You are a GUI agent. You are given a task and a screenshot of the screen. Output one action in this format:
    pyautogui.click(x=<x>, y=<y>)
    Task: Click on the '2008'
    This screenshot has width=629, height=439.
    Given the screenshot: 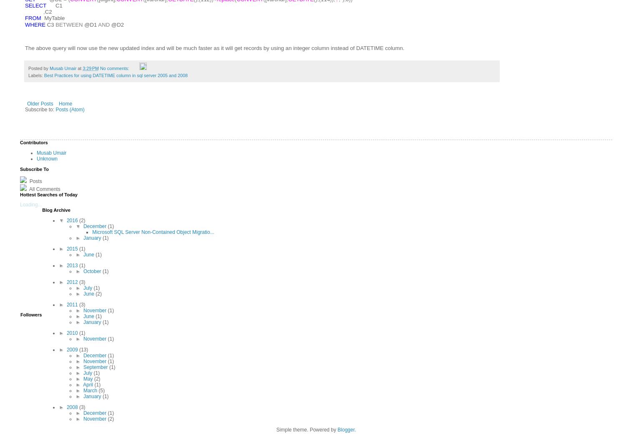 What is the action you would take?
    pyautogui.click(x=73, y=407)
    